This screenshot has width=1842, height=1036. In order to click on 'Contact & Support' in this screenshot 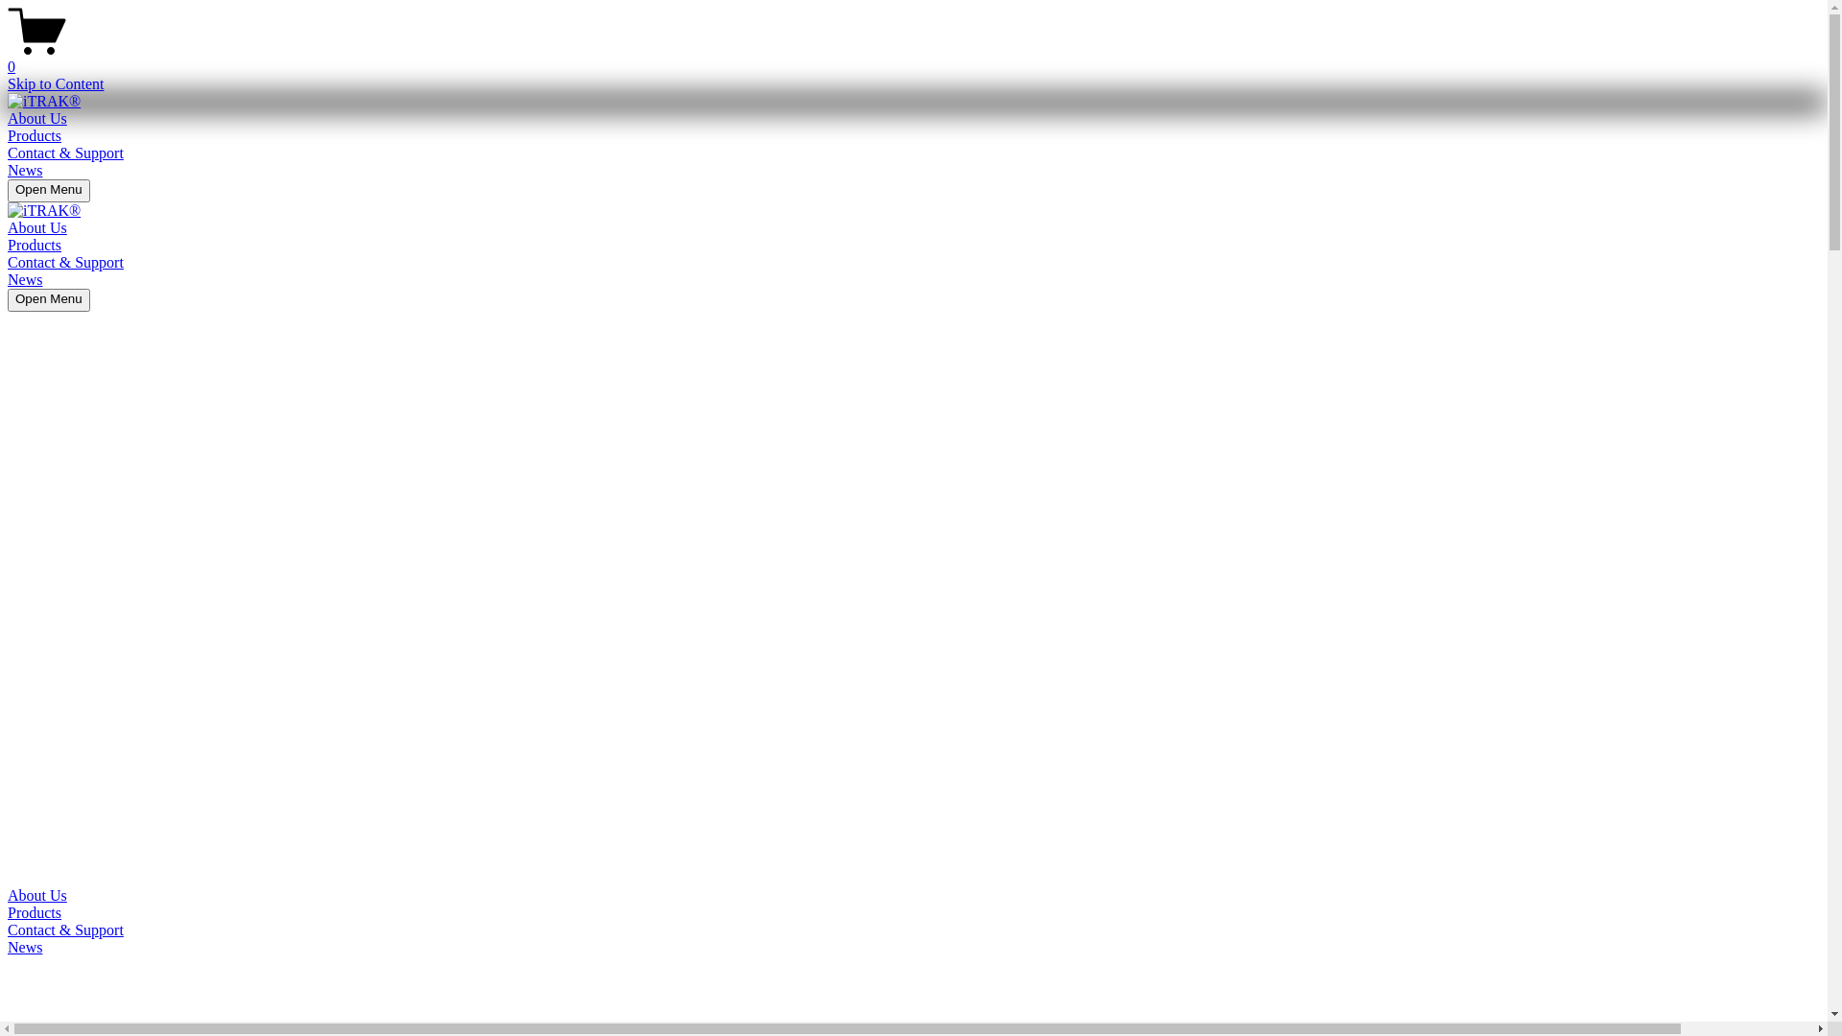, I will do `click(65, 262)`.